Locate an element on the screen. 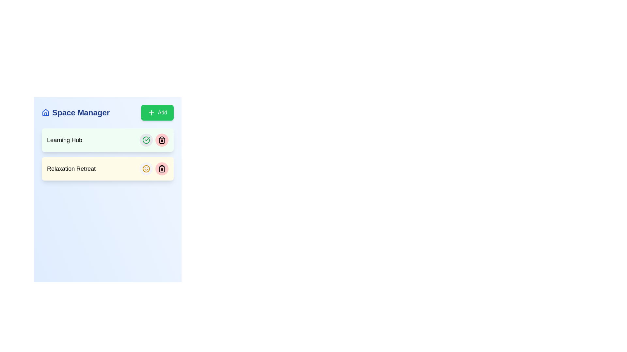 The image size is (627, 352). the main body of the trash bin icon, which represents the delete function, located to the right of the 'Relaxation Retreat' list item is located at coordinates (162, 140).